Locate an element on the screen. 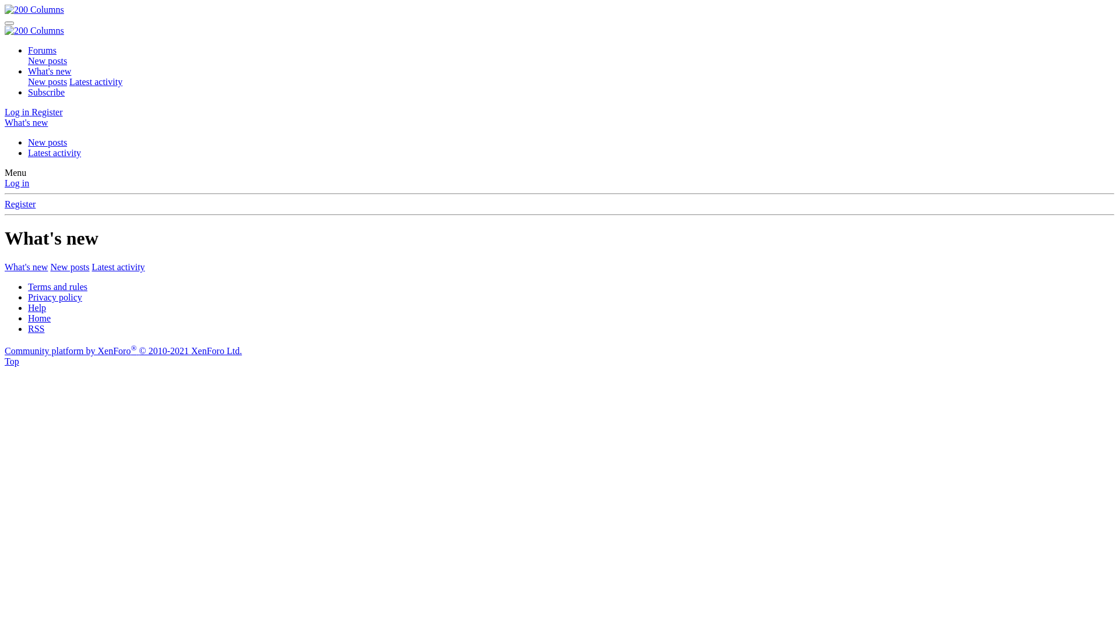 This screenshot has width=1119, height=629. 'New posts' is located at coordinates (47, 61).